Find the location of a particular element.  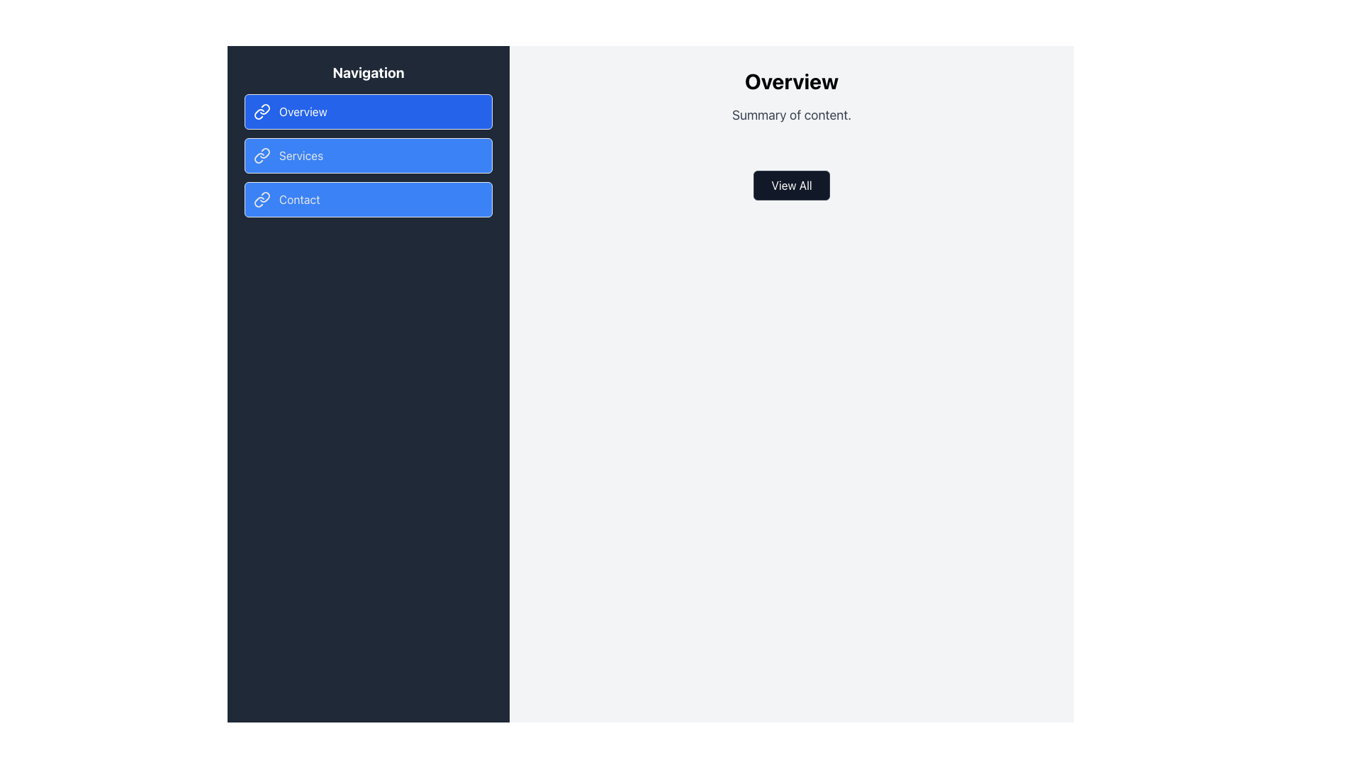

the button located centrally beneath the title 'Overview' and the brief text 'Summary of content.' is located at coordinates (791, 185).